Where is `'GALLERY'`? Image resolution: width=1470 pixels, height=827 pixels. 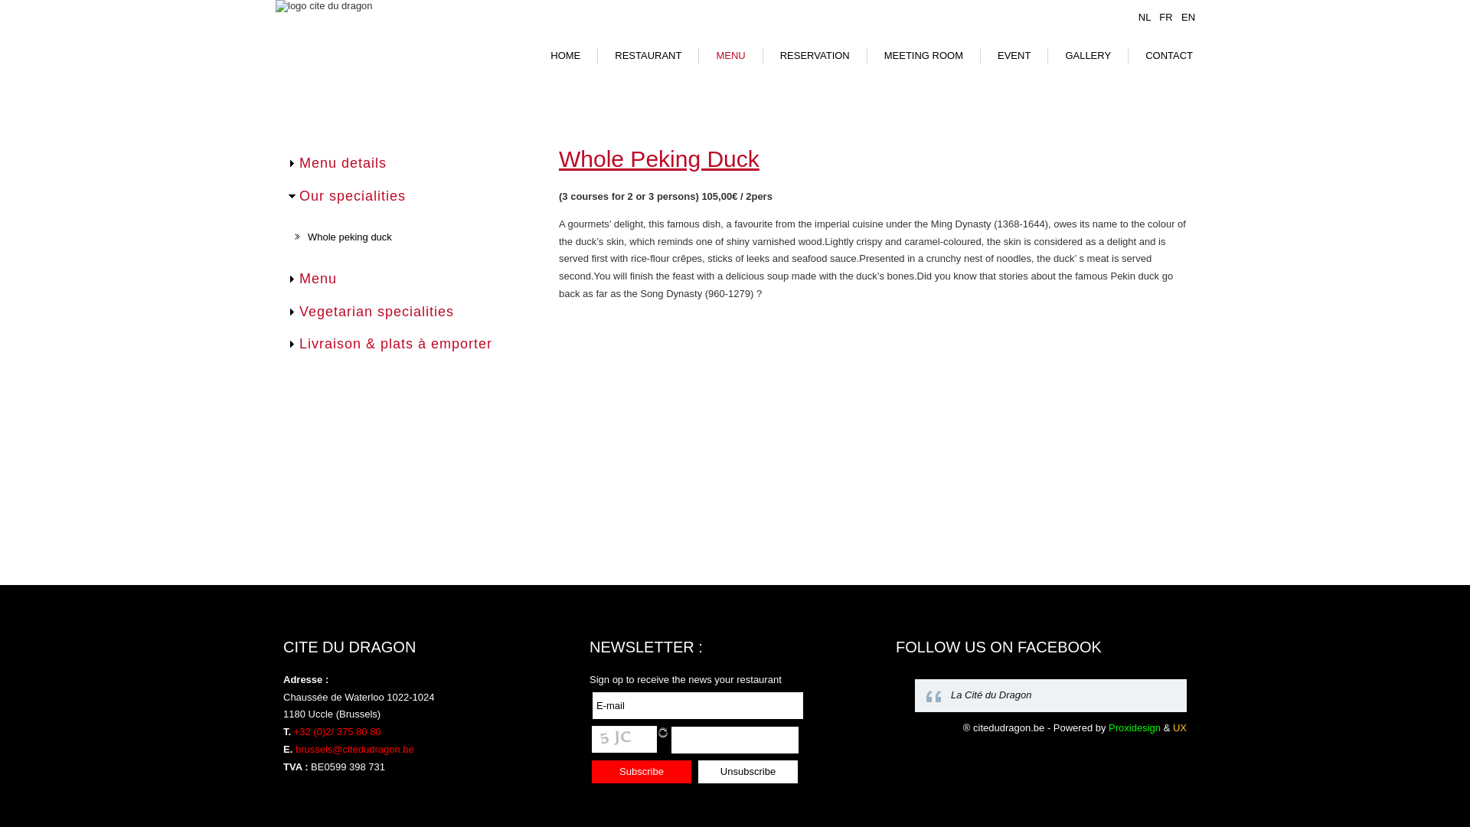
'GALLERY' is located at coordinates (1086, 55).